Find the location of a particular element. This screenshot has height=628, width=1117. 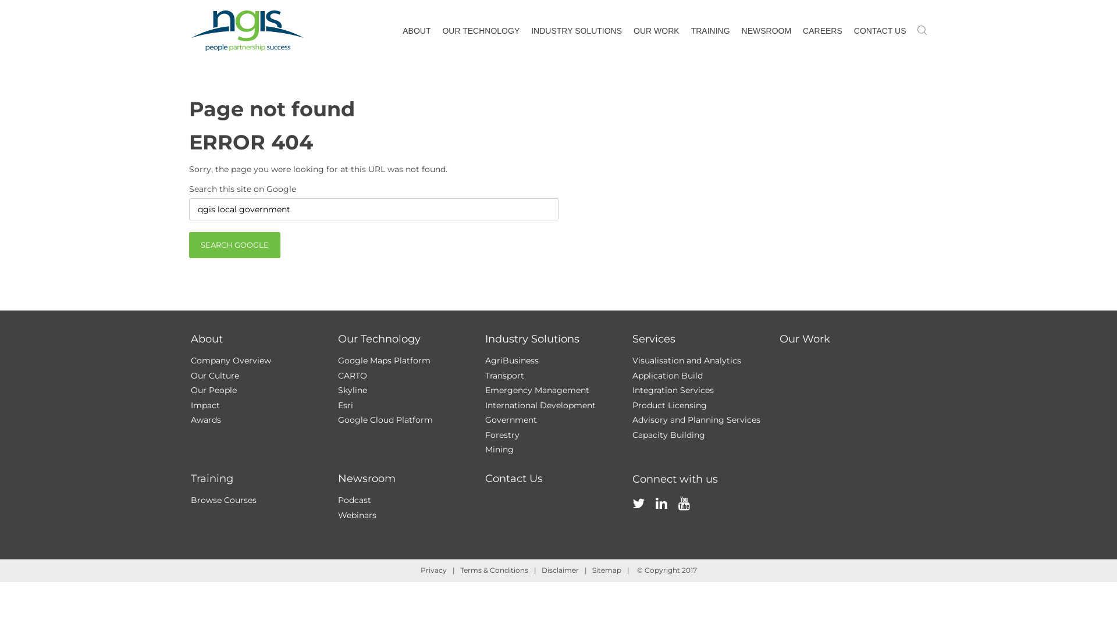

'TRAINING' is located at coordinates (710, 30).